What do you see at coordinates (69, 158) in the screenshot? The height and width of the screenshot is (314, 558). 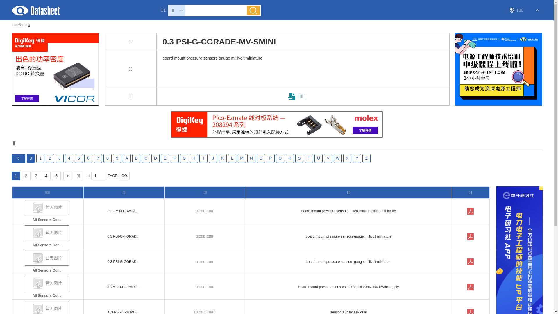 I see `'4'` at bounding box center [69, 158].